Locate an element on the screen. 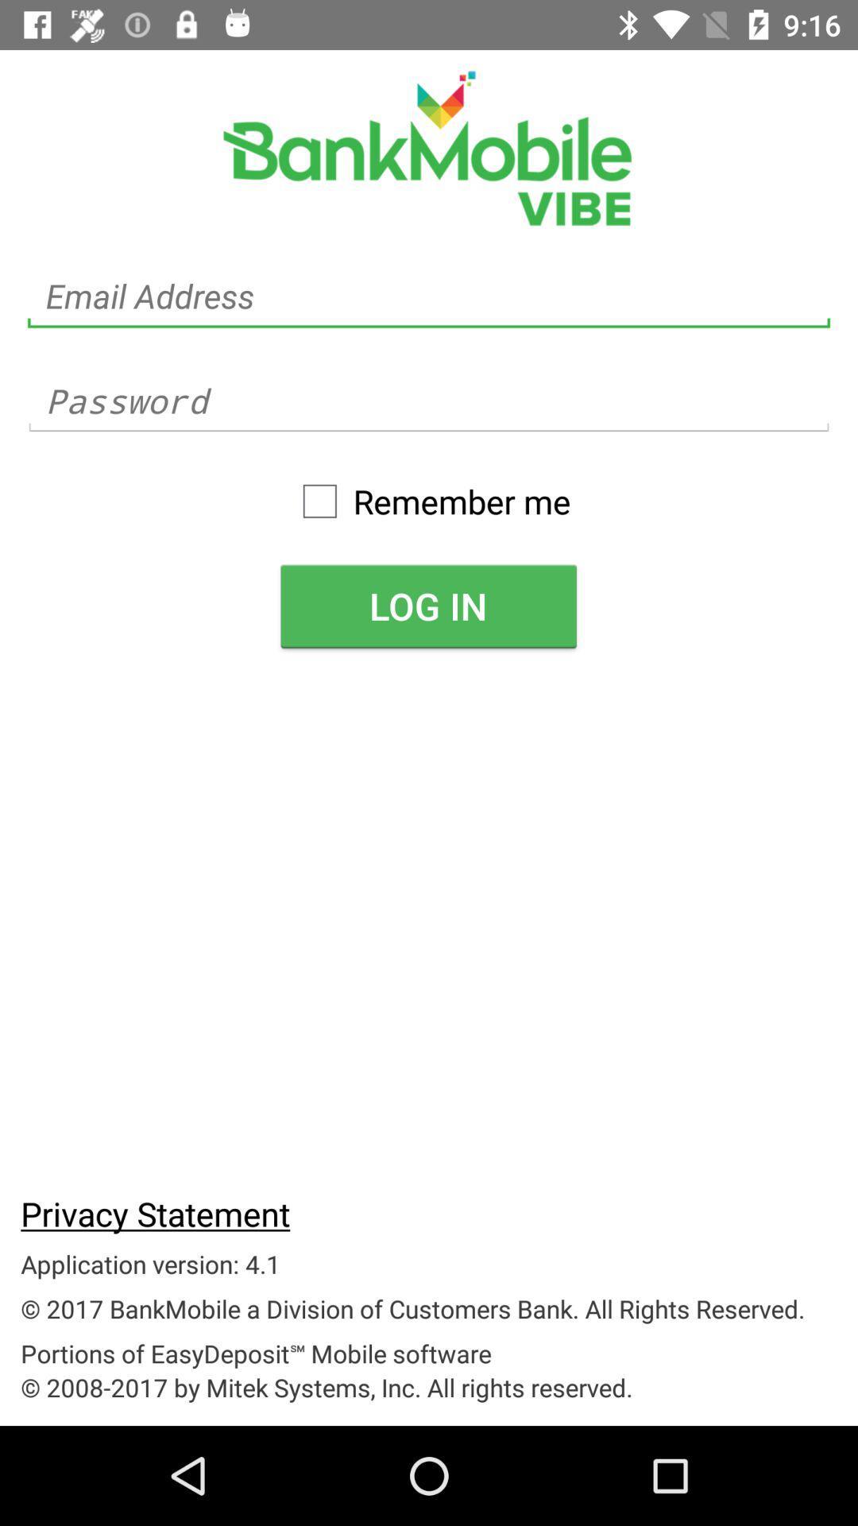 The height and width of the screenshot is (1526, 858). log in item is located at coordinates (427, 605).